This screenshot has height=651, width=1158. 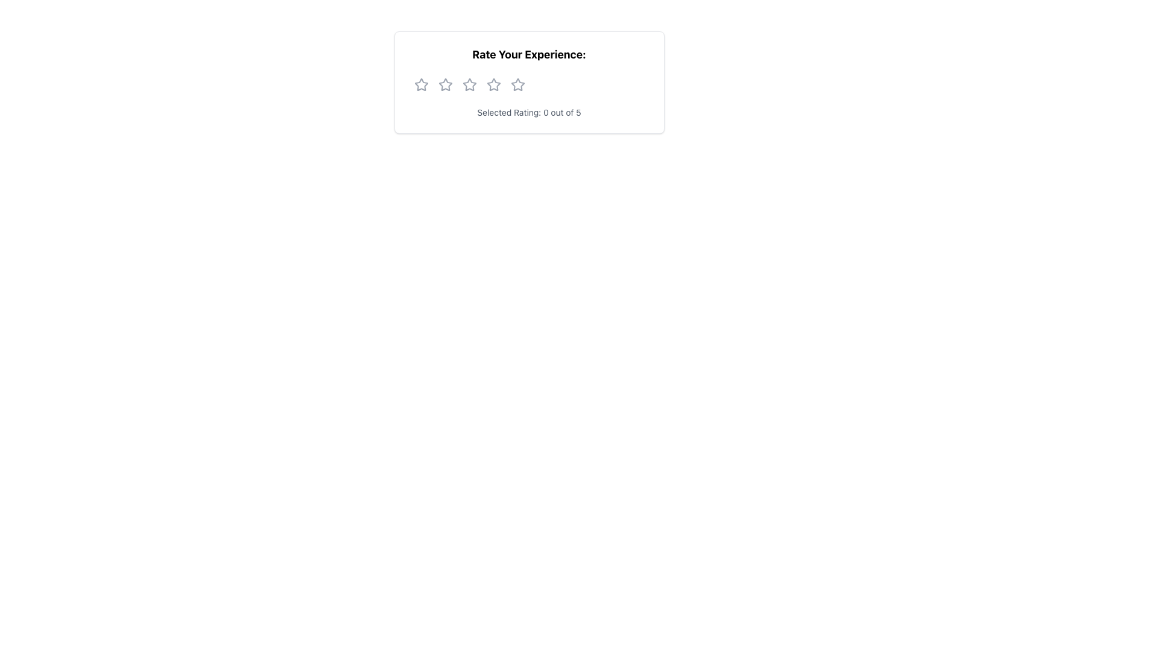 What do you see at coordinates (469, 84) in the screenshot?
I see `the third star icon in the star rating system` at bounding box center [469, 84].